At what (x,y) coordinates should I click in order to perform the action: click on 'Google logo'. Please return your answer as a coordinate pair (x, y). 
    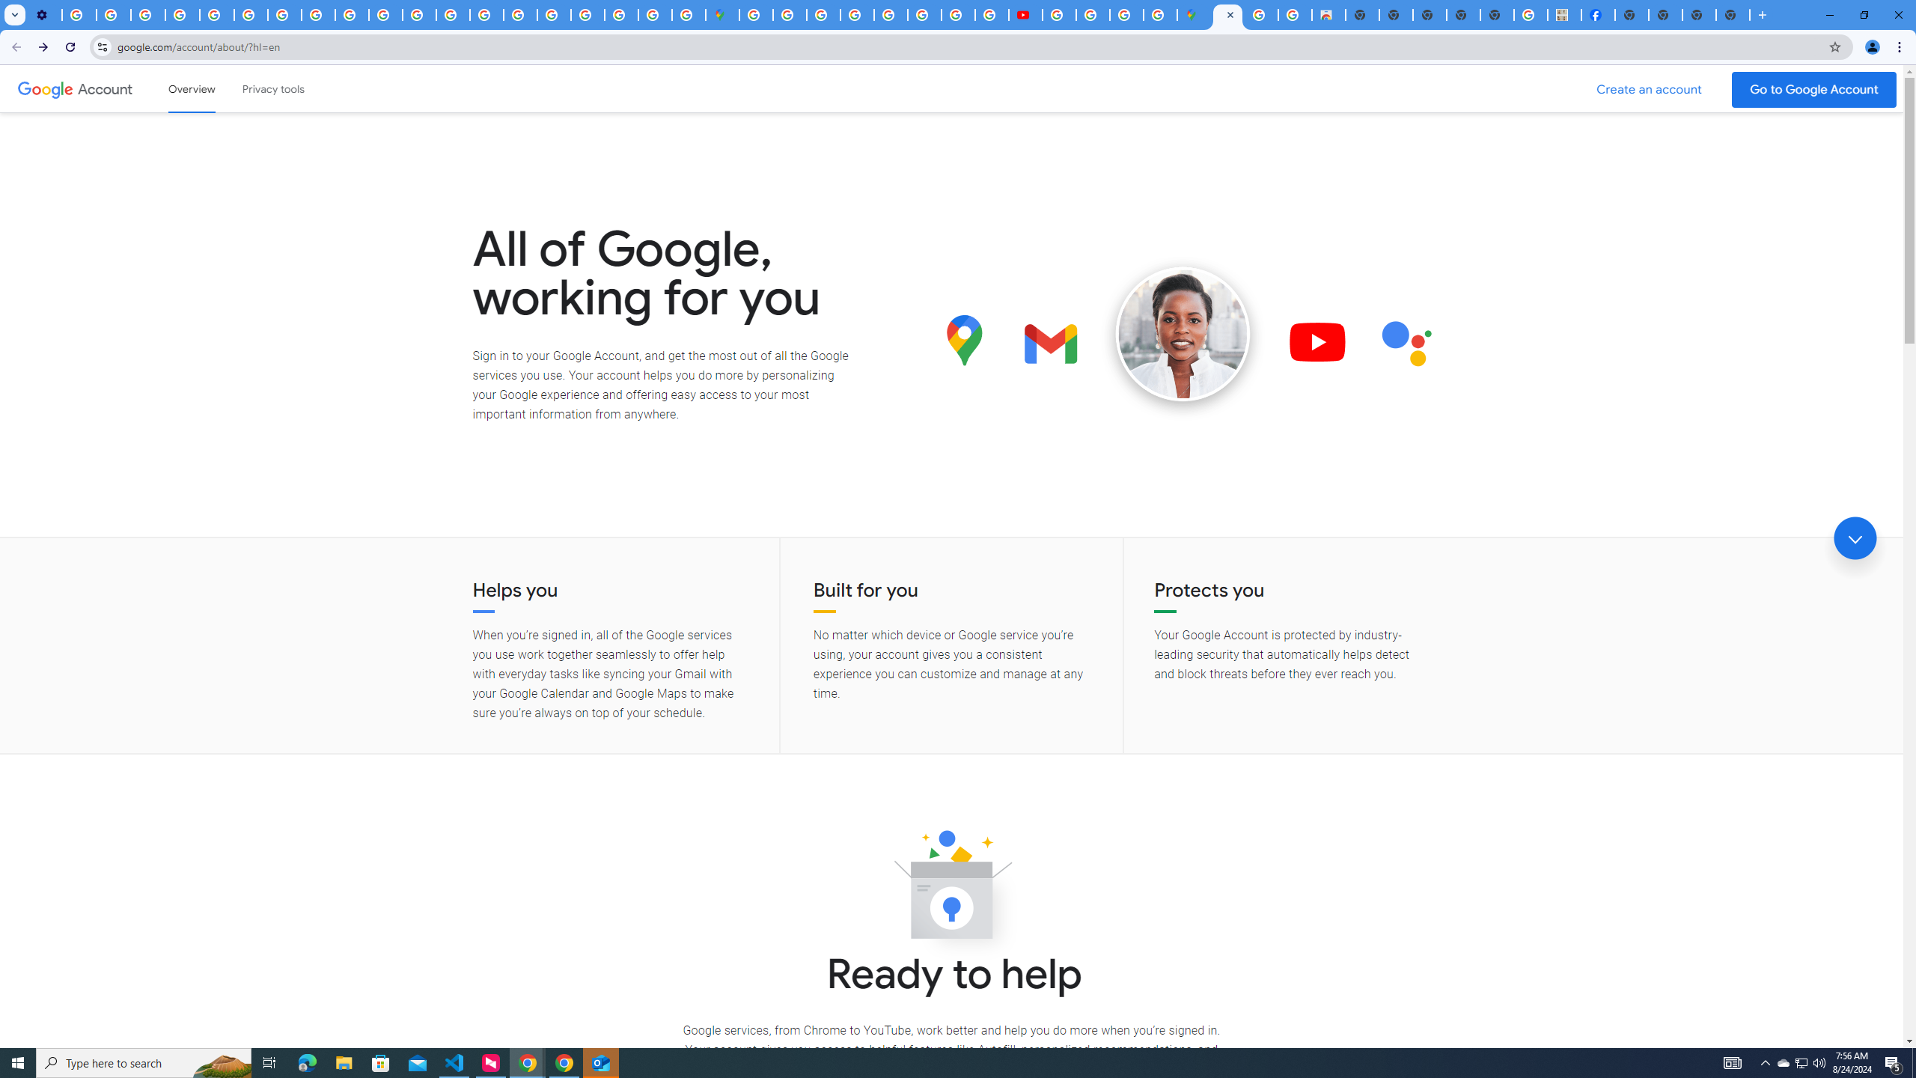
    Looking at the image, I should click on (45, 88).